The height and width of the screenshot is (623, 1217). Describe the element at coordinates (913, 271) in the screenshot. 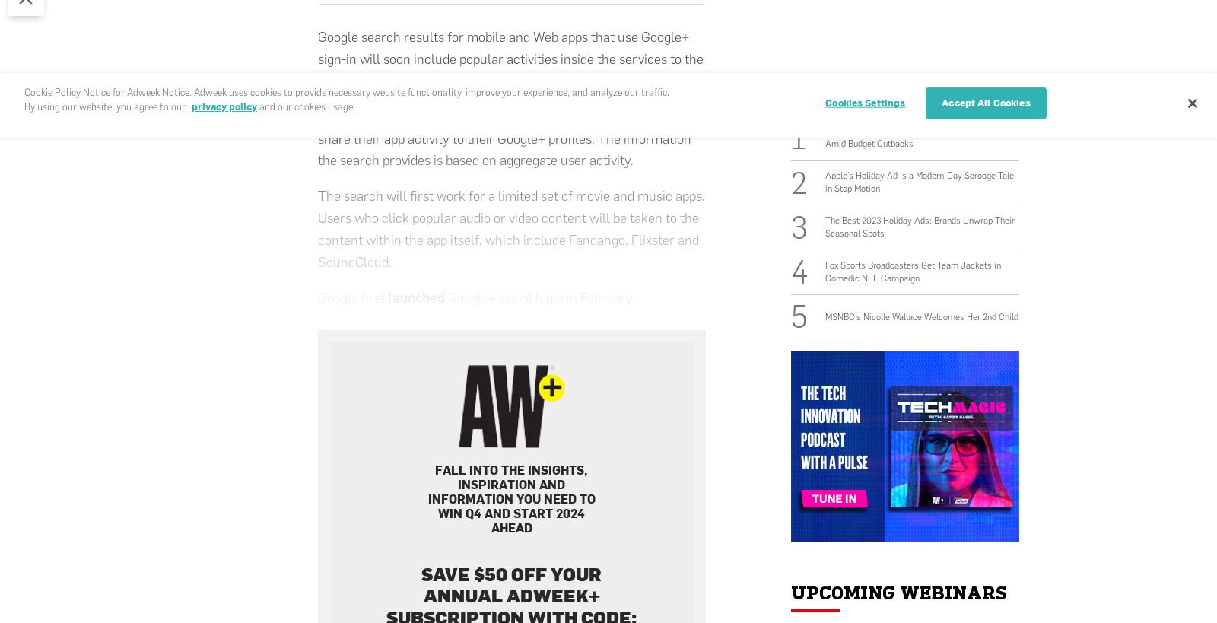

I see `'Fox Sports Broadcasters Get Team Jackets in Comedic NFL Campaign'` at that location.